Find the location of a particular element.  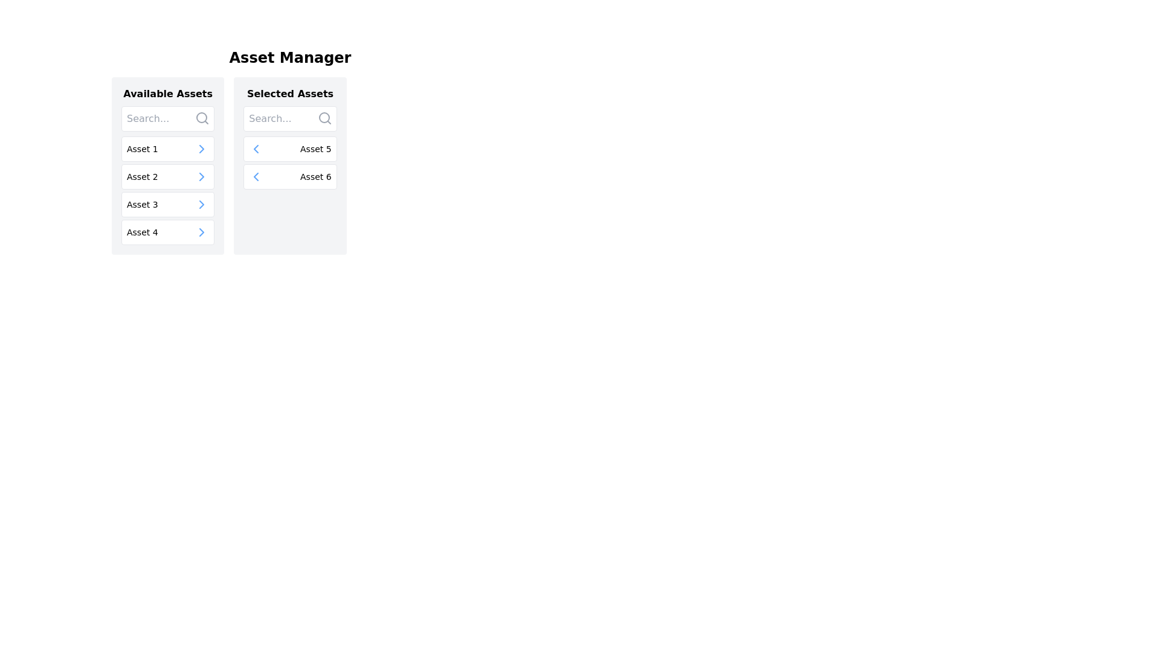

the selectable list item labeled 'Asset 2' is located at coordinates (167, 177).